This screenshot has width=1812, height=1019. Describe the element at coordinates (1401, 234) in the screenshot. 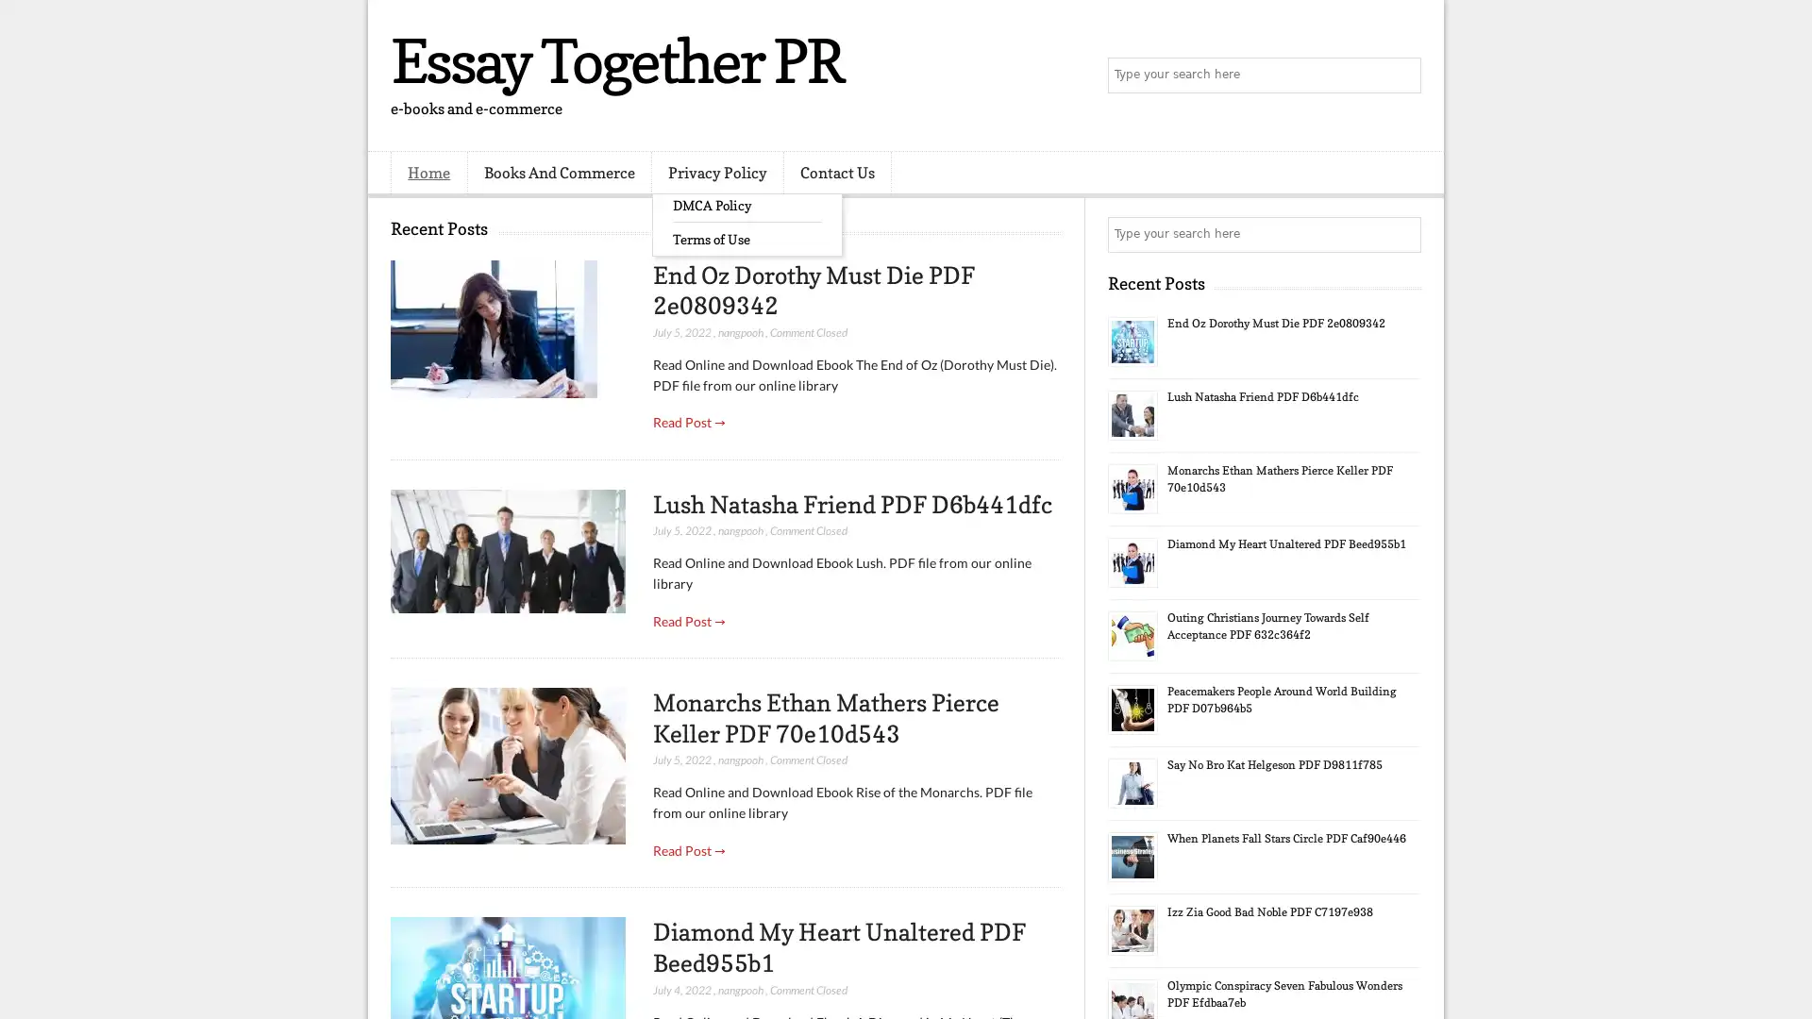

I see `Search` at that location.